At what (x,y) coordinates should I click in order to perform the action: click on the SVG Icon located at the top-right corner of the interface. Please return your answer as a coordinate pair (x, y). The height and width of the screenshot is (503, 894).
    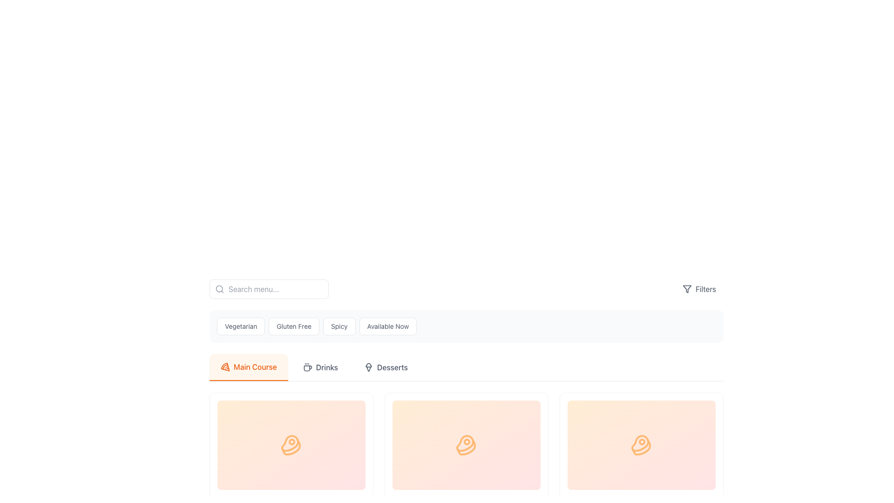
    Looking at the image, I should click on (687, 289).